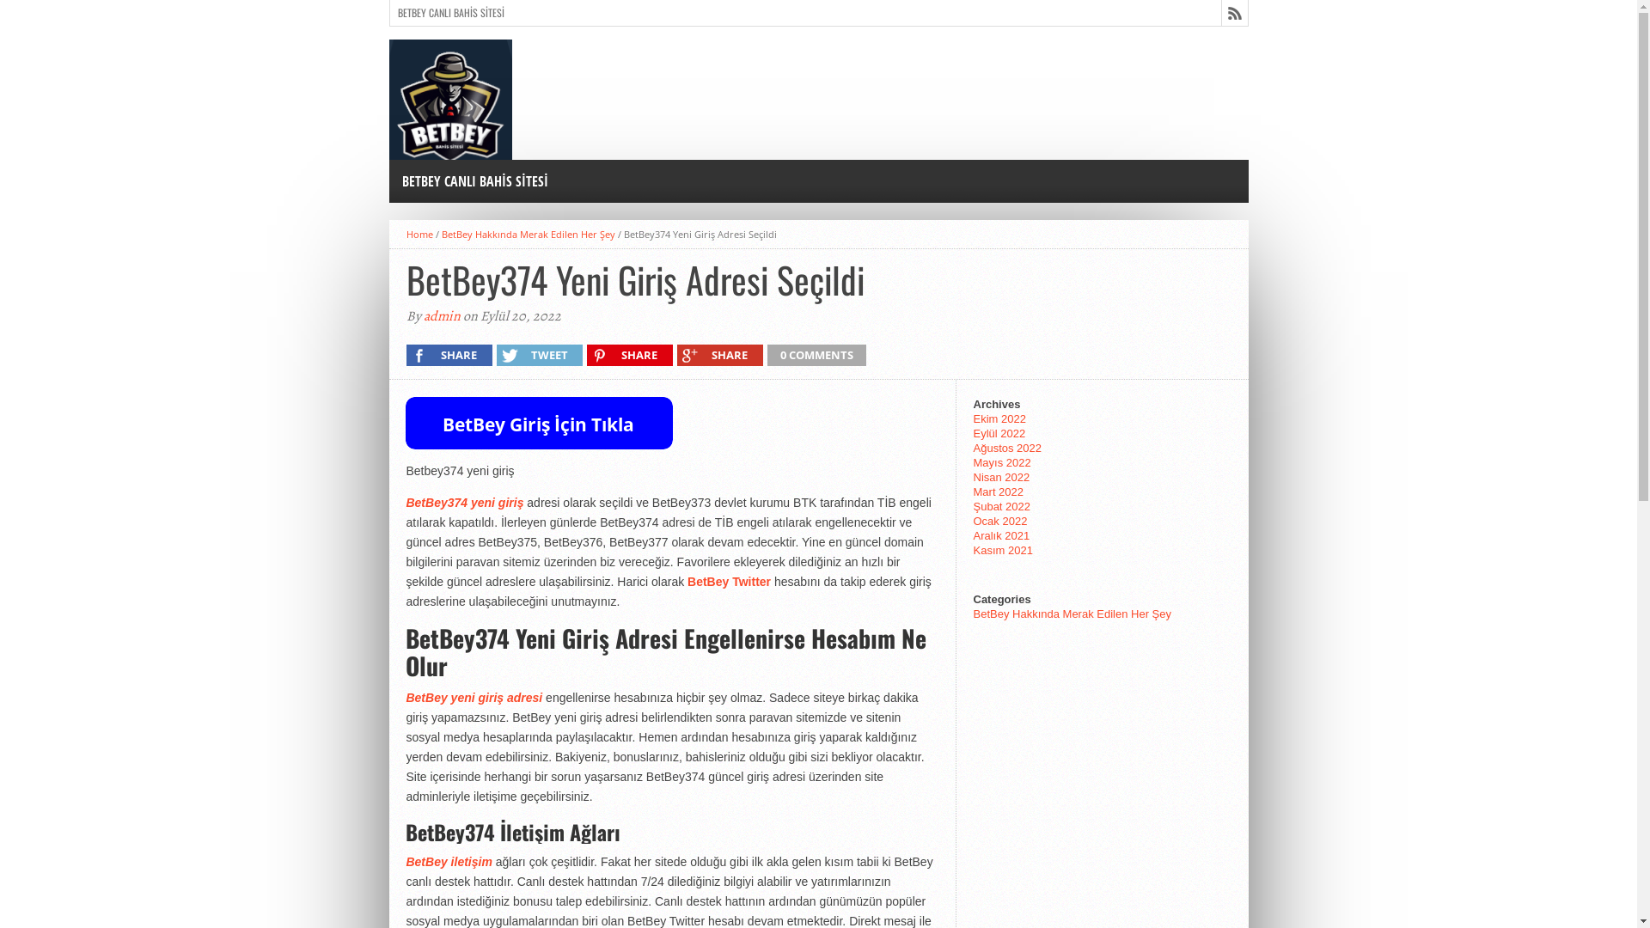 The height and width of the screenshot is (928, 1650). Describe the element at coordinates (973, 418) in the screenshot. I see `'Ekim 2022'` at that location.